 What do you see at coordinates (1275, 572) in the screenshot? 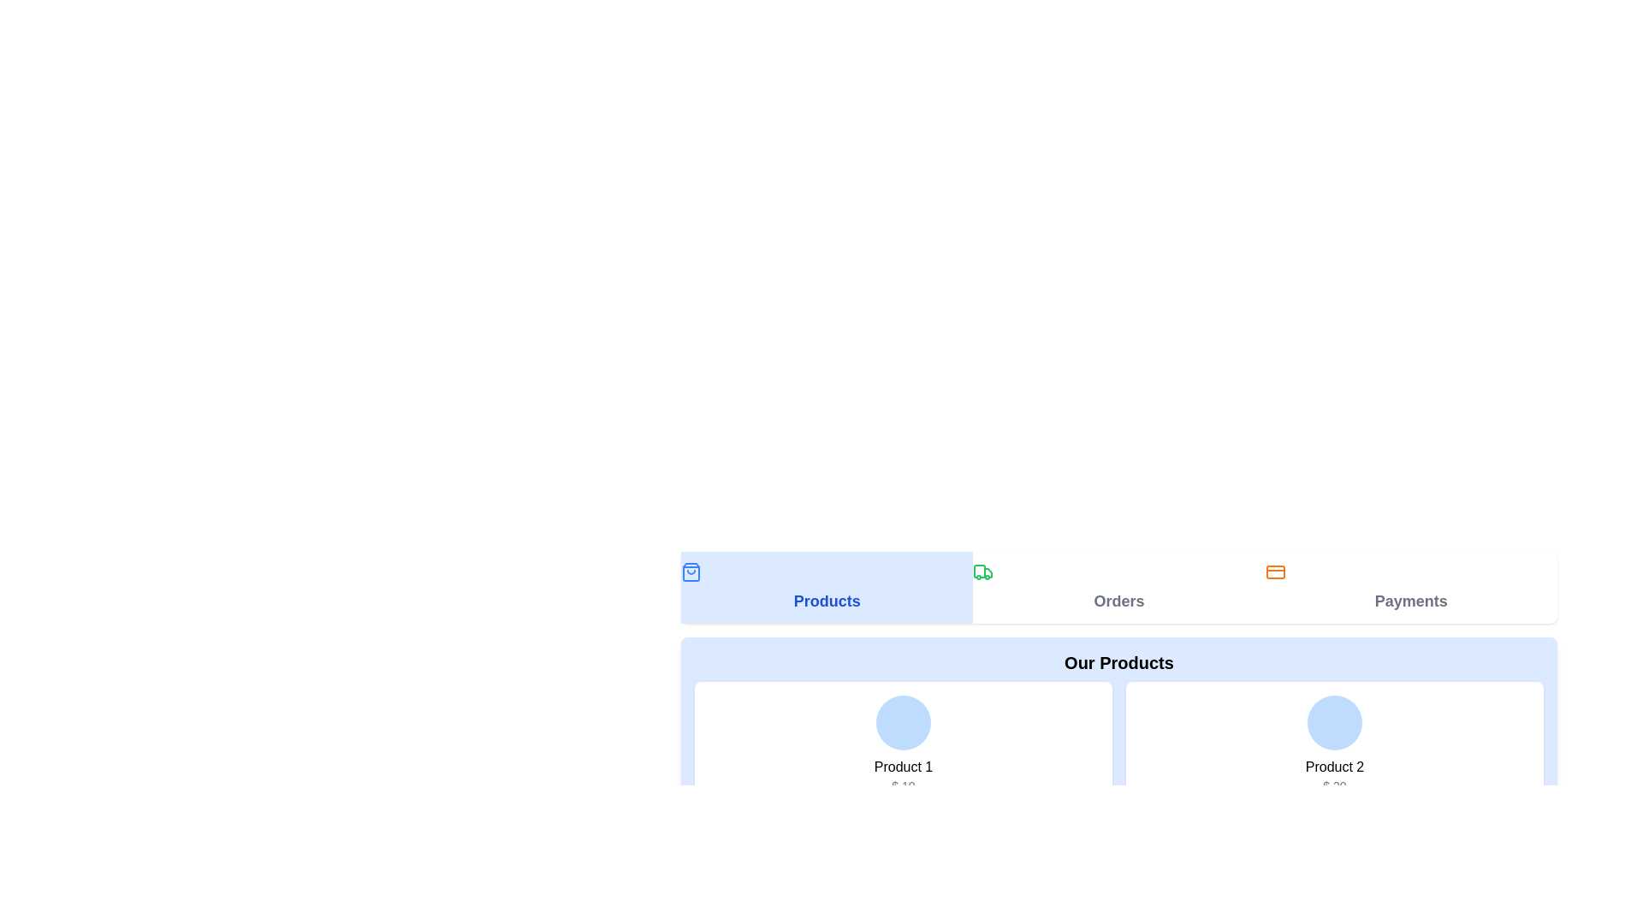
I see `the 'Payments' icon located in the navigation bar, positioned to the right of the 'Orders' section and directly above the 'Payments' label` at bounding box center [1275, 572].